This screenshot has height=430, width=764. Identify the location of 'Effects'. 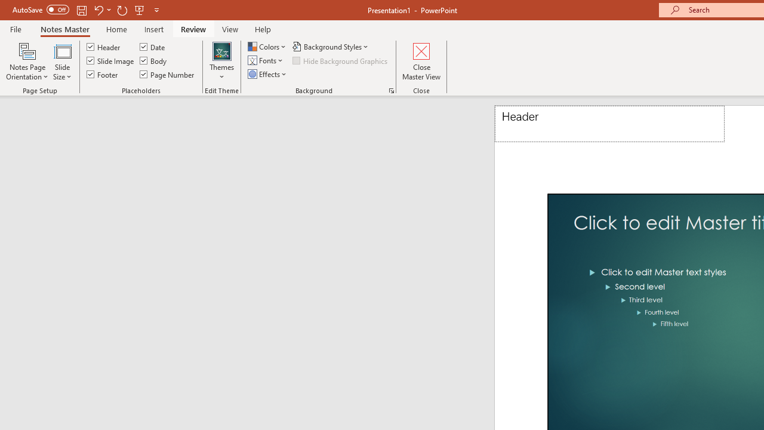
(267, 74).